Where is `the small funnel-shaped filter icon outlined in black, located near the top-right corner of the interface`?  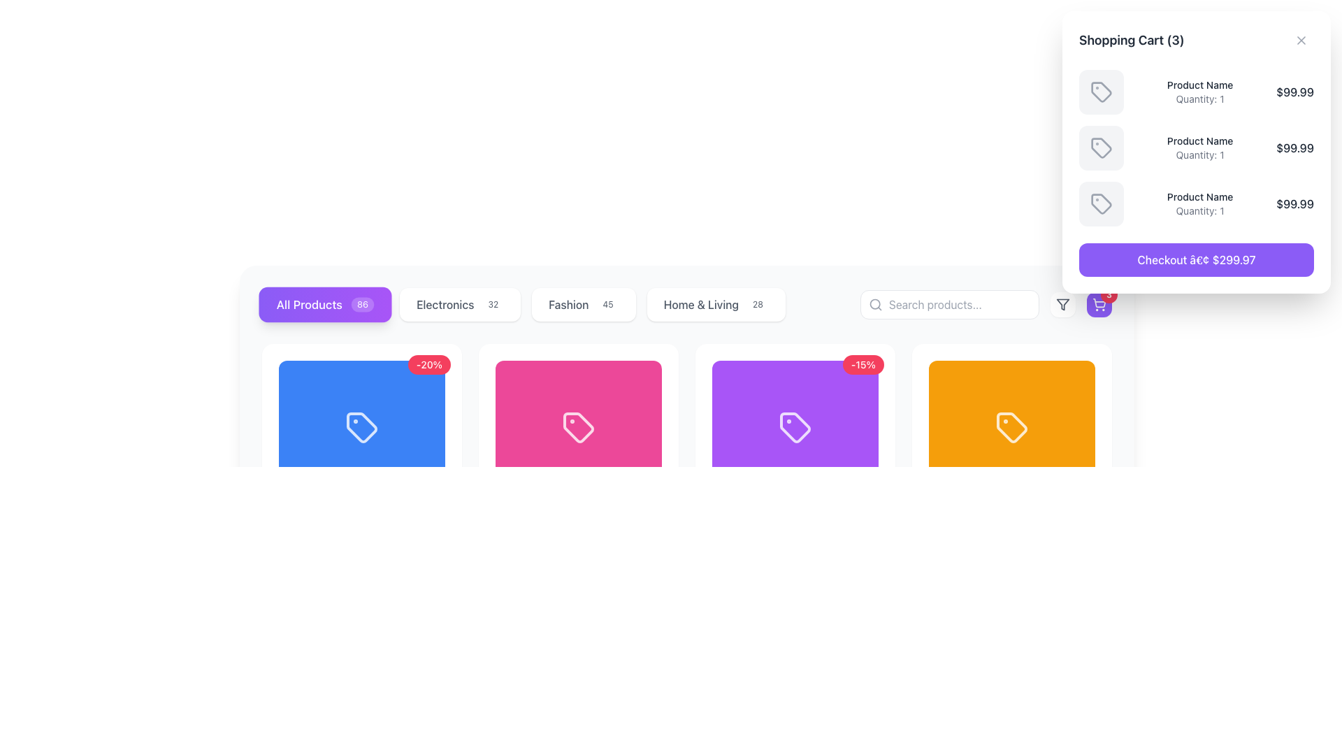
the small funnel-shaped filter icon outlined in black, located near the top-right corner of the interface is located at coordinates (1062, 303).